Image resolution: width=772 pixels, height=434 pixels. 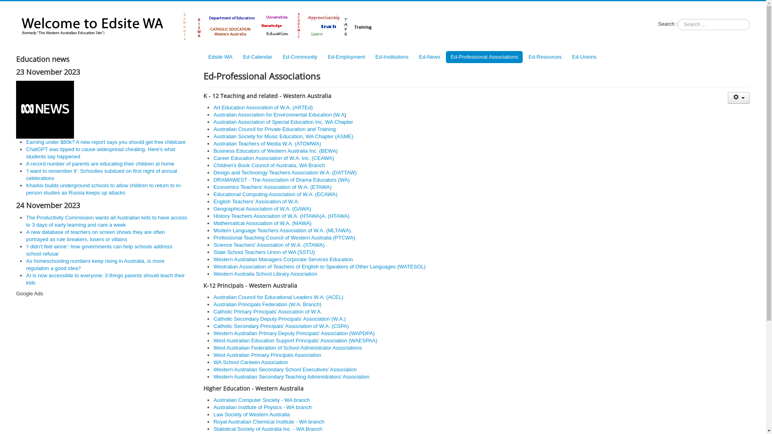 What do you see at coordinates (281, 179) in the screenshot?
I see `'DRAMAWEST - The Association of Drama Educators (WA)'` at bounding box center [281, 179].